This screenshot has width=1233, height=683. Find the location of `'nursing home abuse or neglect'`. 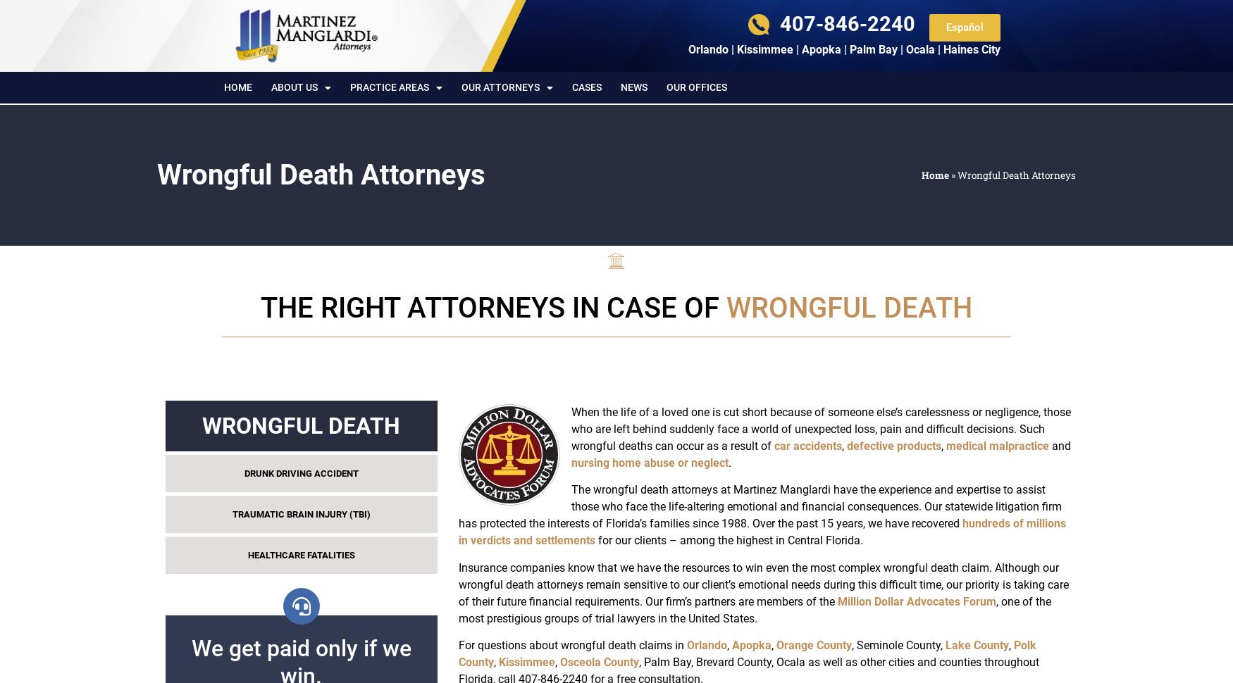

'nursing home abuse or neglect' is located at coordinates (570, 461).